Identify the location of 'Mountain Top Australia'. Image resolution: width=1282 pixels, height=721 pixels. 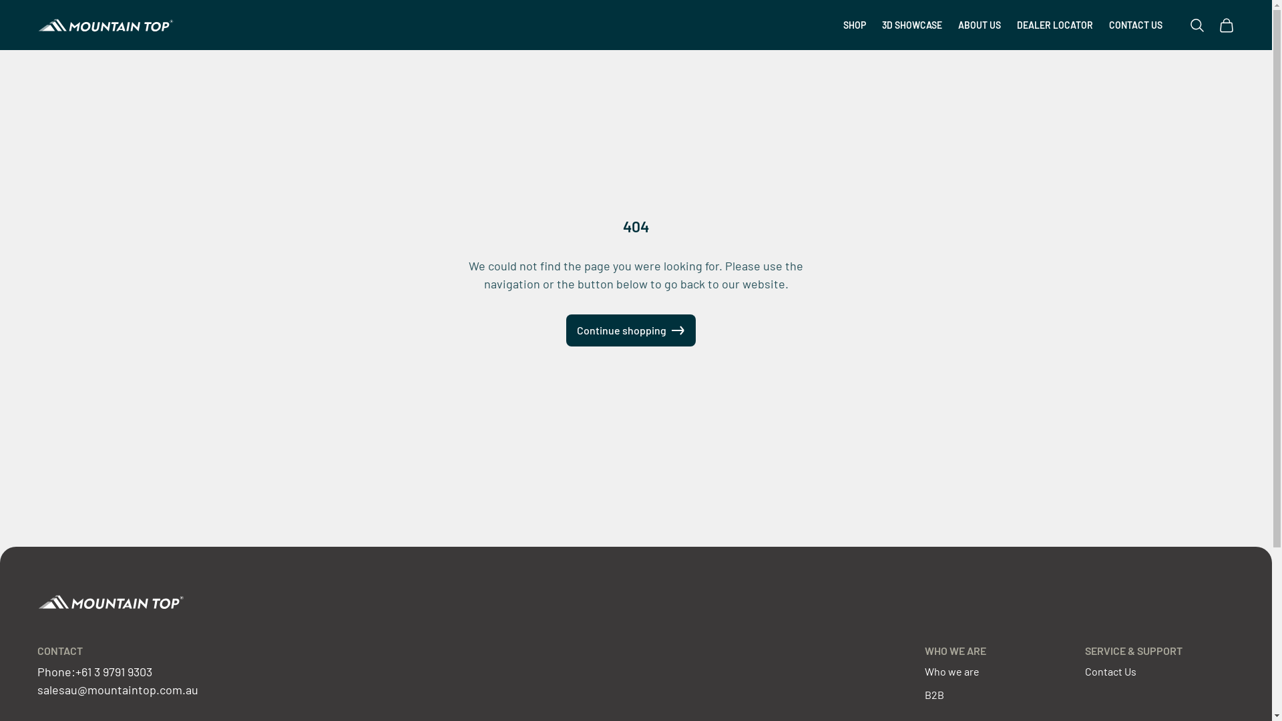
(105, 25).